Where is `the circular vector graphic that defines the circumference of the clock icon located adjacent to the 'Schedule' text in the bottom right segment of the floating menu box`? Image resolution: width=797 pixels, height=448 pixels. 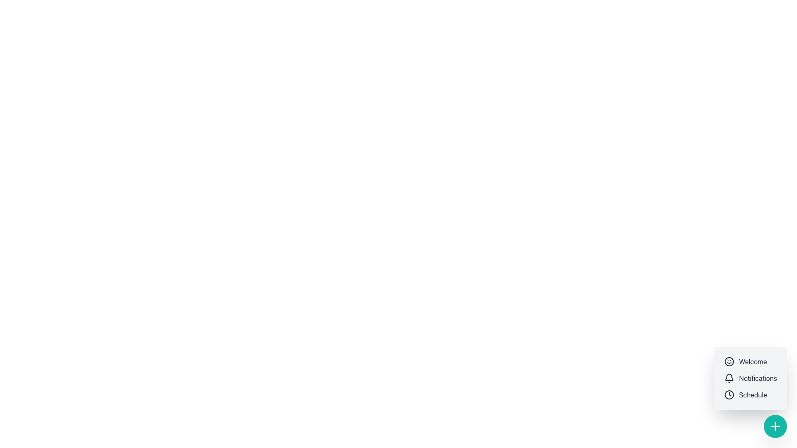
the circular vector graphic that defines the circumference of the clock icon located adjacent to the 'Schedule' text in the bottom right segment of the floating menu box is located at coordinates (729, 394).